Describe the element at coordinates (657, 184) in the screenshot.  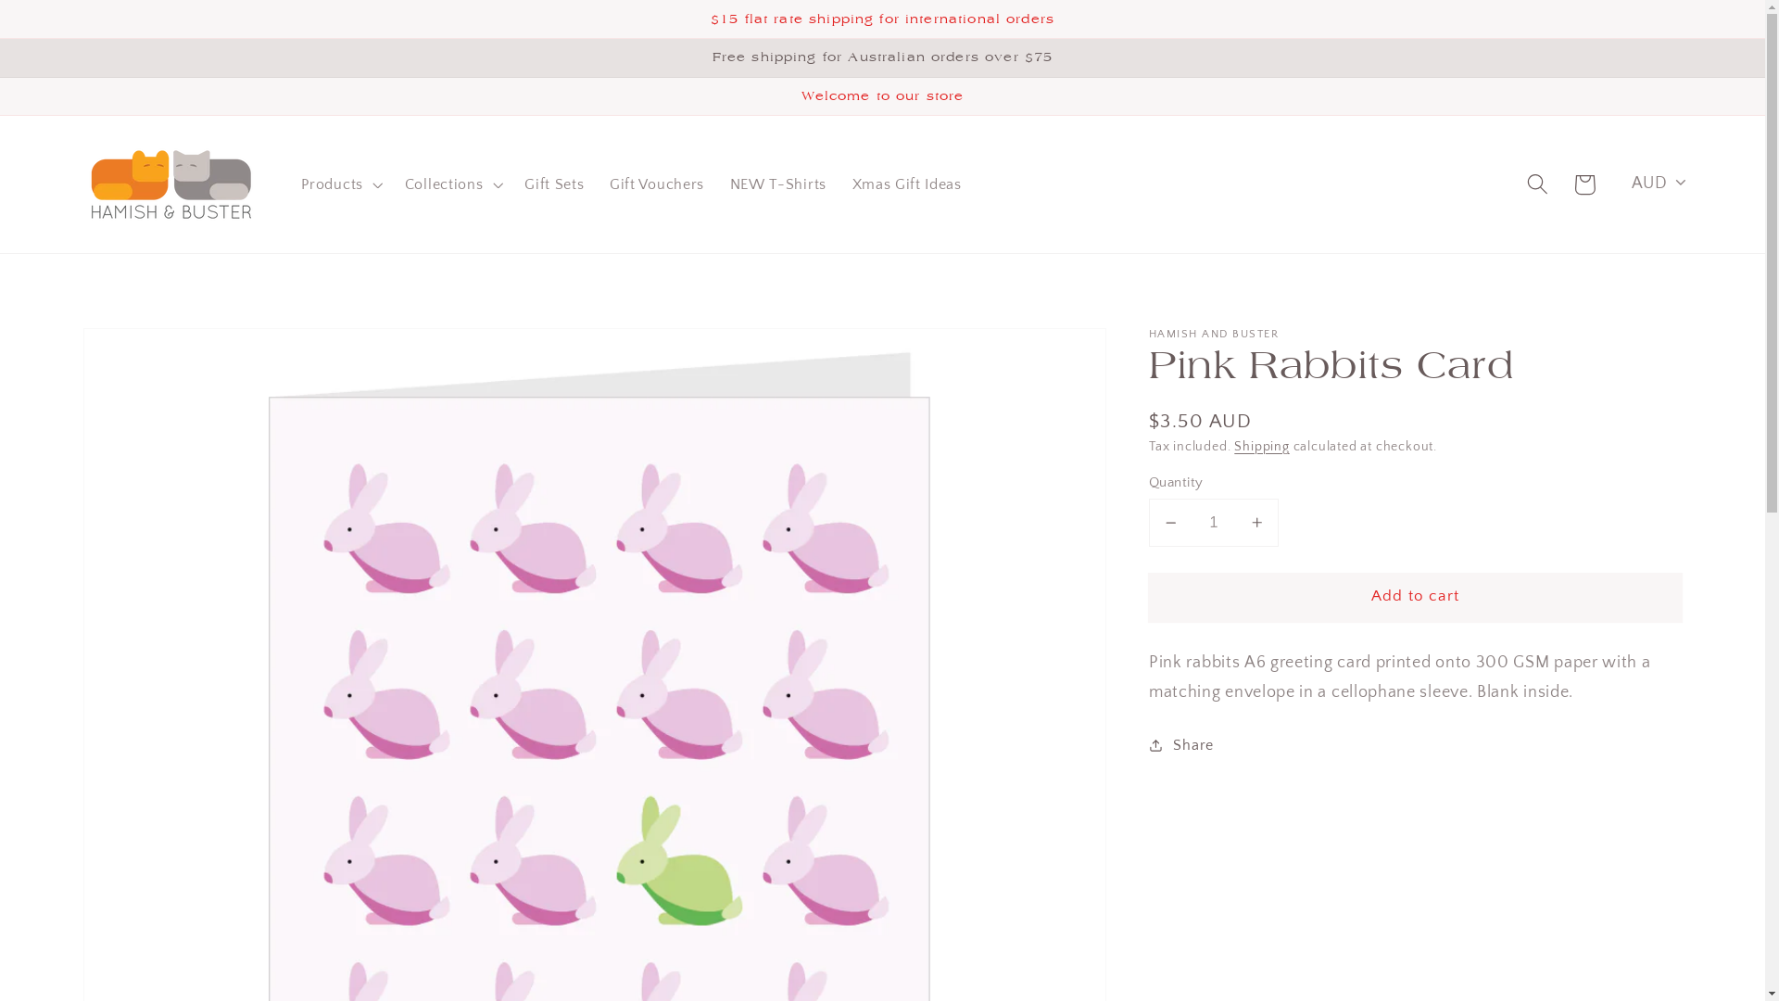
I see `'Gift Vouchers'` at that location.